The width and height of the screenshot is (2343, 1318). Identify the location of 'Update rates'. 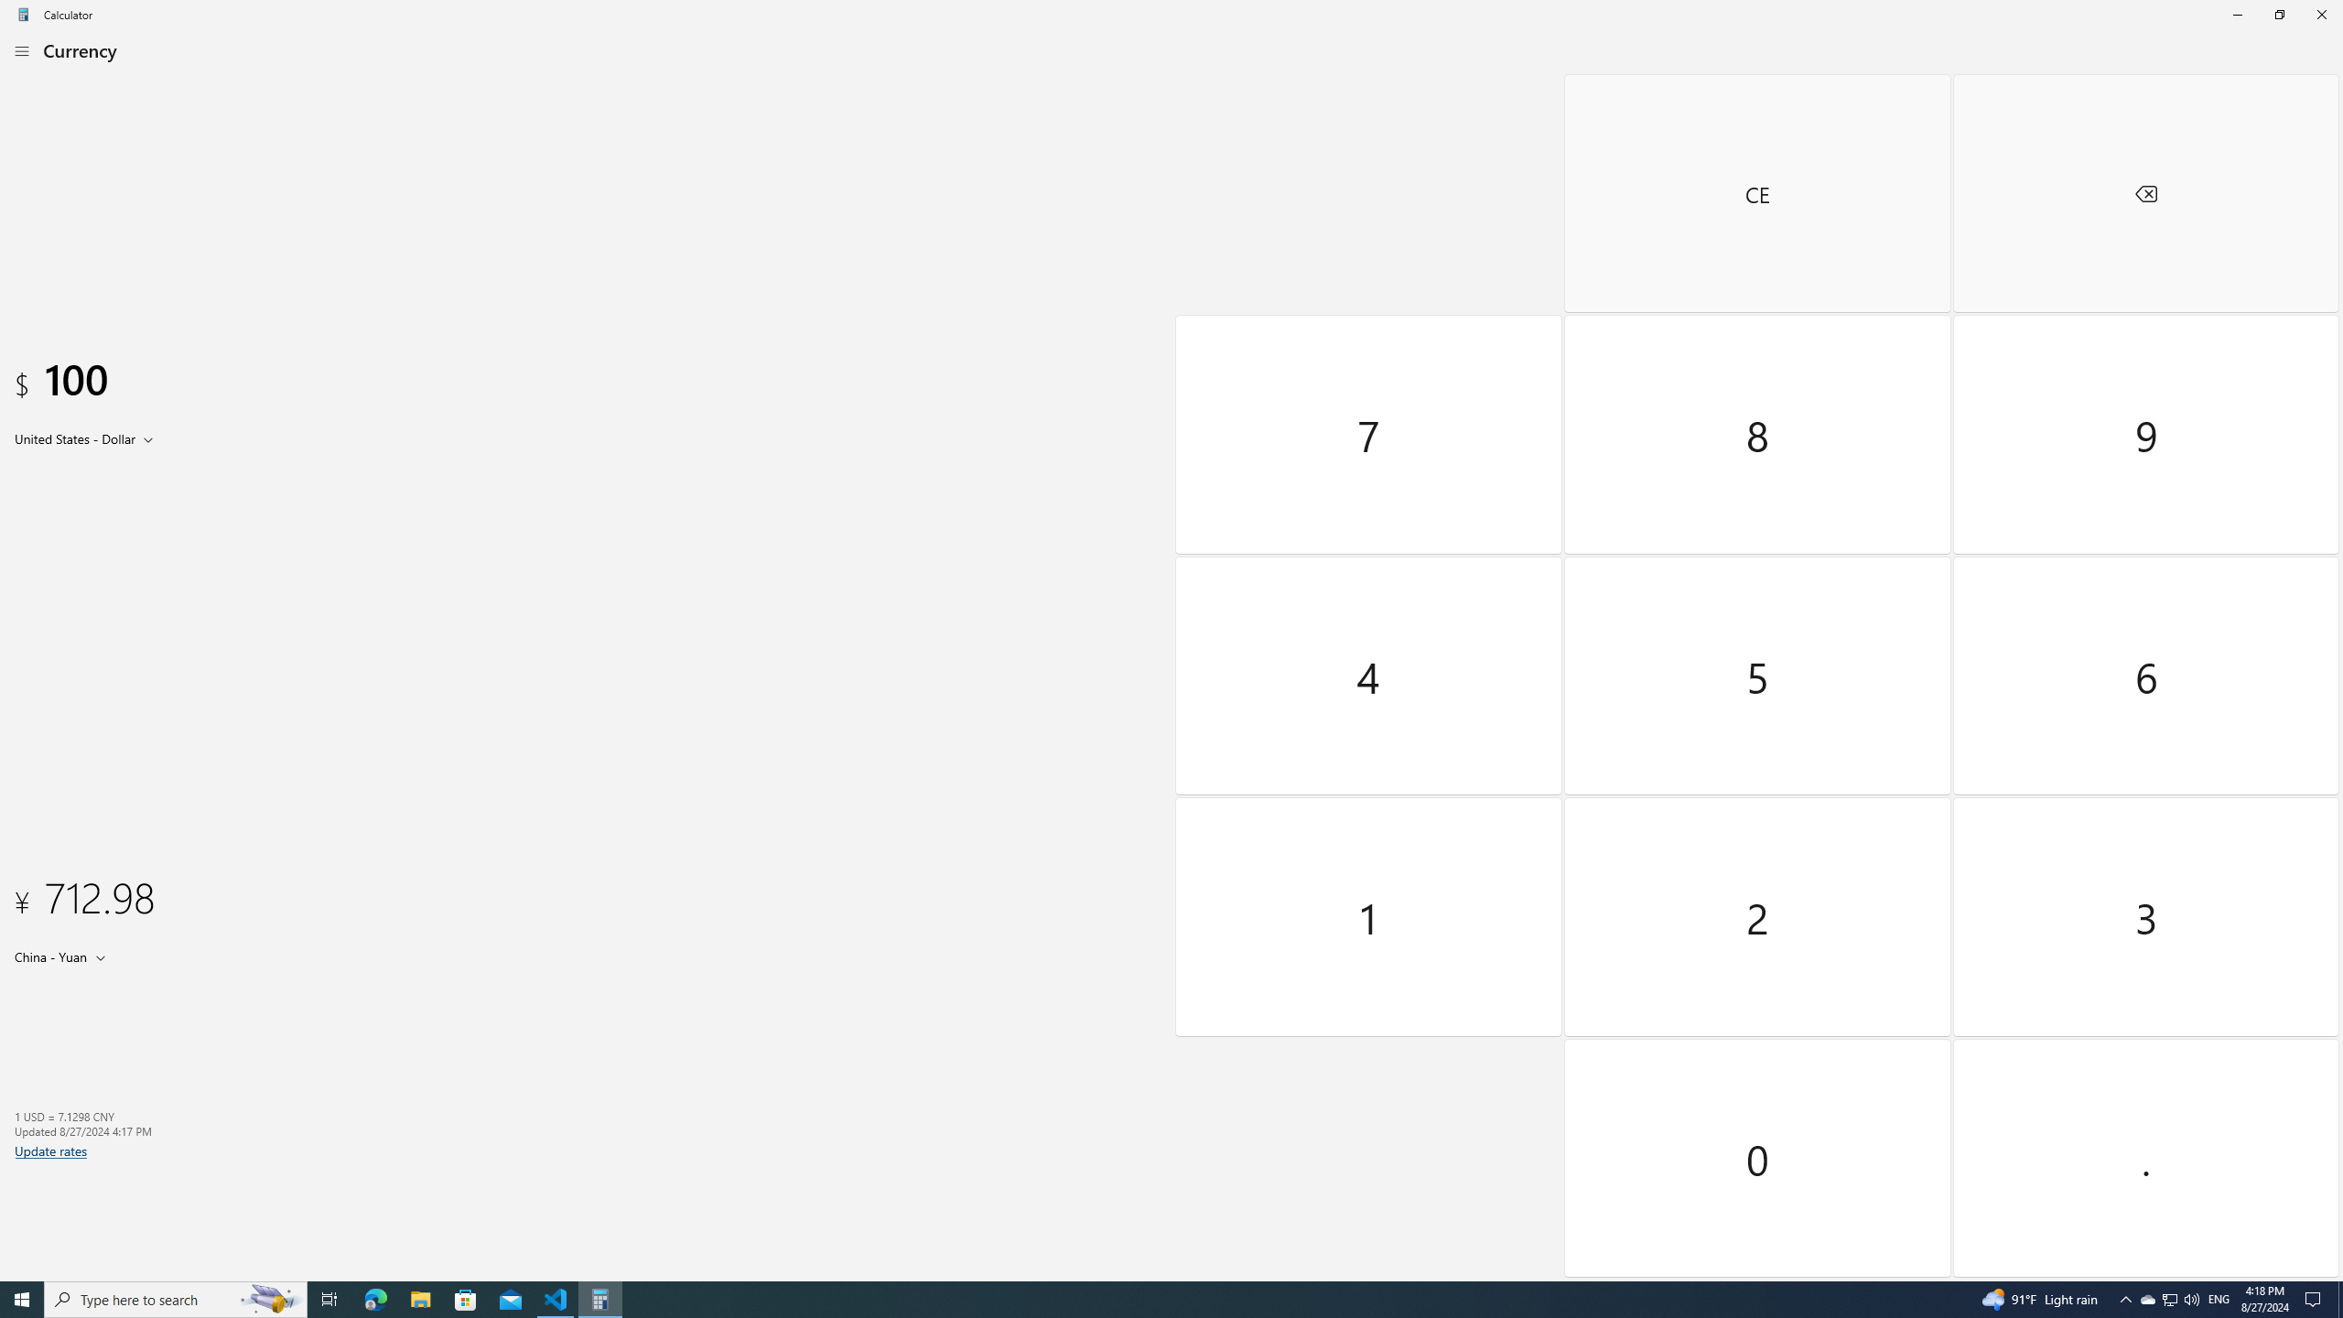
(51, 1150).